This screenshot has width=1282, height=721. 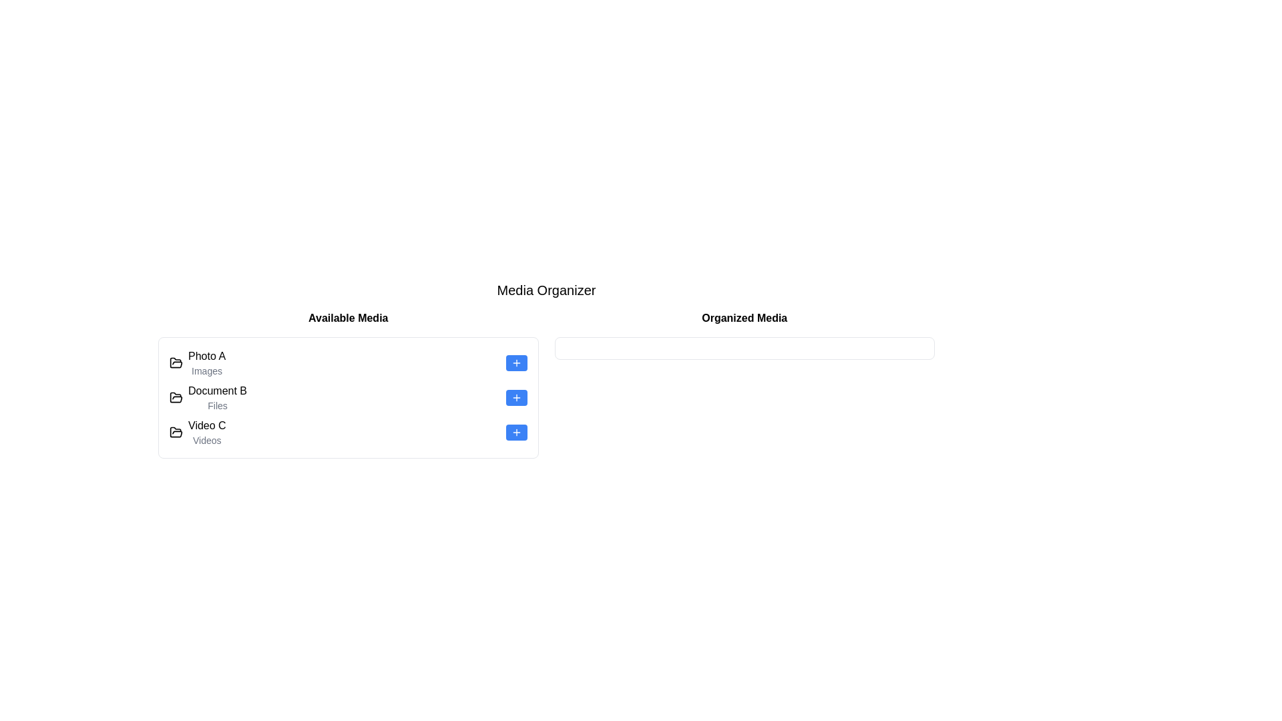 I want to click on the decorative icon located in the left section under the 'Available Media' heading, specifically the first icon in the row labeled 'Photo A Images', positioned to the left of the text 'Photo A', so click(x=176, y=397).